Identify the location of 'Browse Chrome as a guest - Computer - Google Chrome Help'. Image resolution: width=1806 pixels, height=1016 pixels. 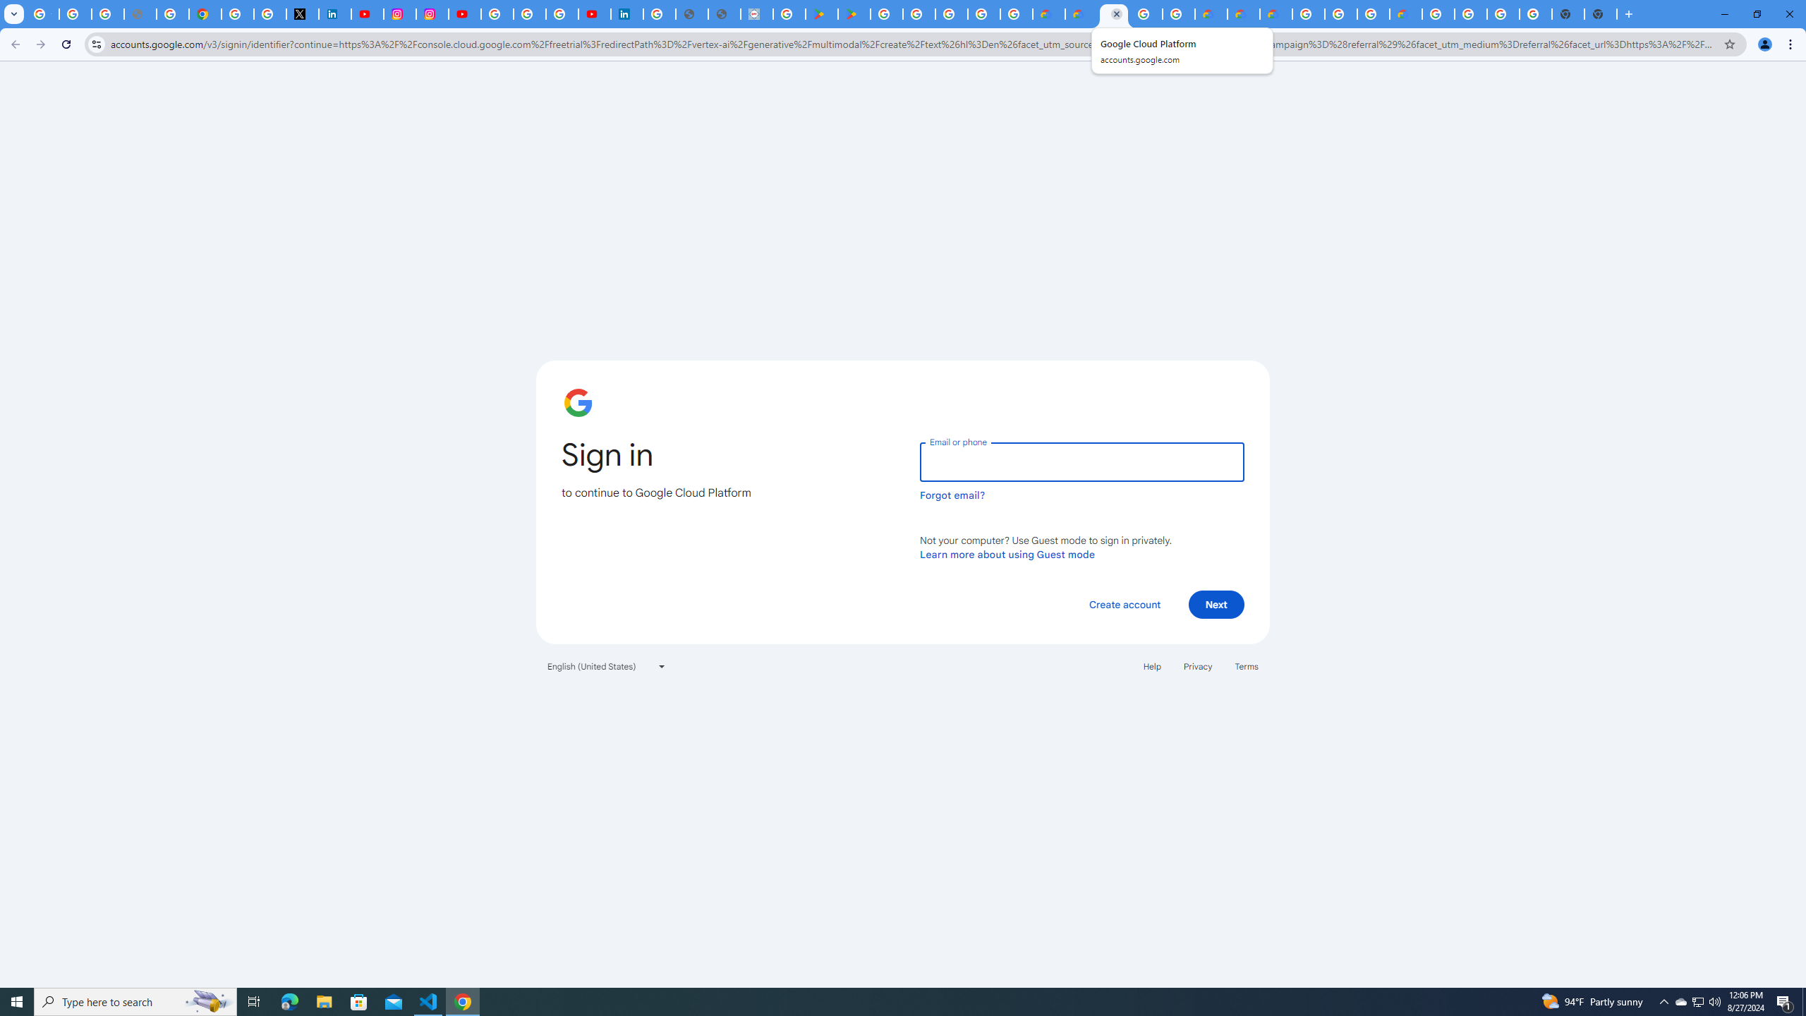
(1372, 13).